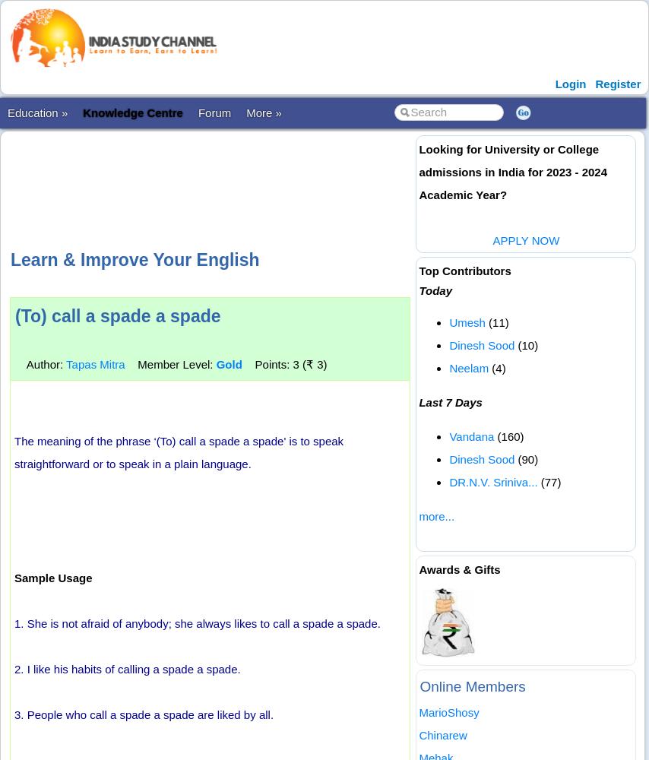 The height and width of the screenshot is (760, 649). Describe the element at coordinates (179, 451) in the screenshot. I see `'The meaning of the phrase ‘(To) call a spade a spade' is to speak straightforward or to speak in a plain language.'` at that location.